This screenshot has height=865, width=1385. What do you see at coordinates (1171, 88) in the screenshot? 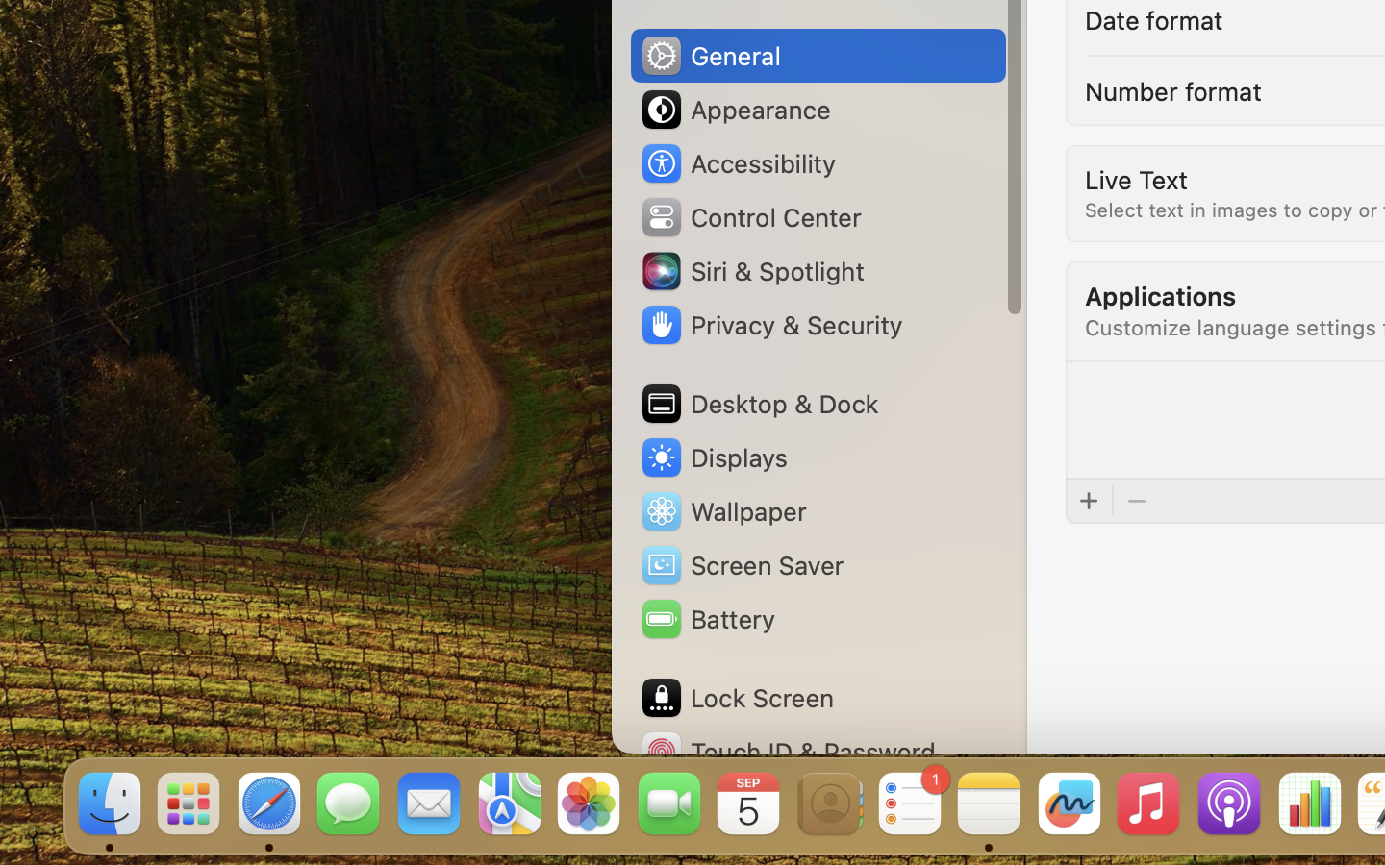
I see `'Number format'` at bounding box center [1171, 88].